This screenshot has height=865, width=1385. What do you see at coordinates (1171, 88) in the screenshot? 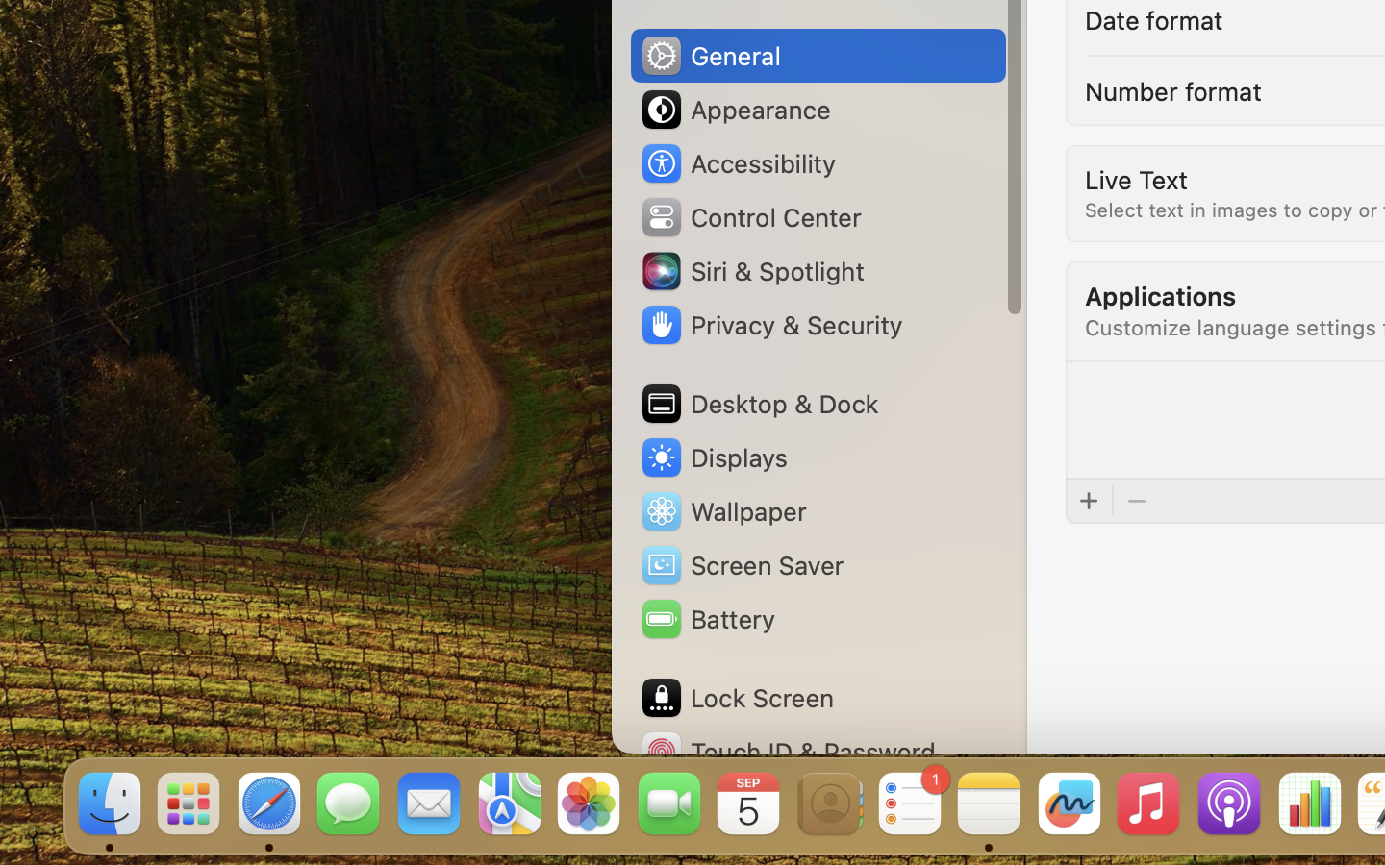
I see `'Number format'` at bounding box center [1171, 88].